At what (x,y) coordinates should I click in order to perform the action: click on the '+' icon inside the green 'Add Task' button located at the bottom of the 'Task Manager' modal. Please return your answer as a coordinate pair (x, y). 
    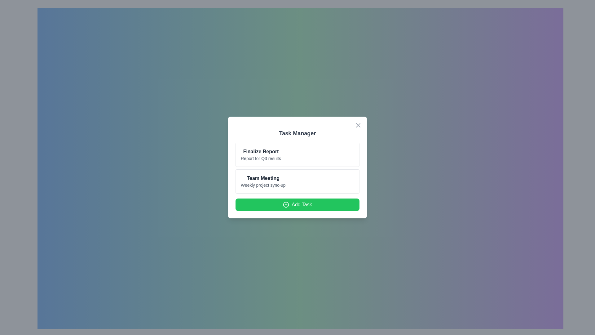
    Looking at the image, I should click on (286, 204).